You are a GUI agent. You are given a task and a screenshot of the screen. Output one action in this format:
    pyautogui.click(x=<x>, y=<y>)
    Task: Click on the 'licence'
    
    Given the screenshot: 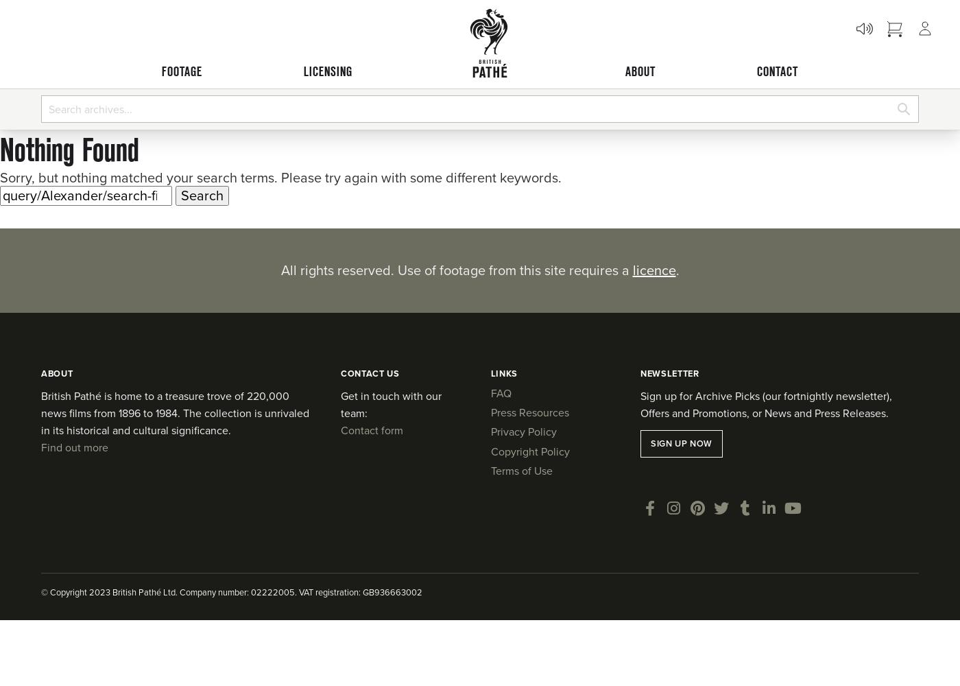 What is the action you would take?
    pyautogui.click(x=653, y=270)
    